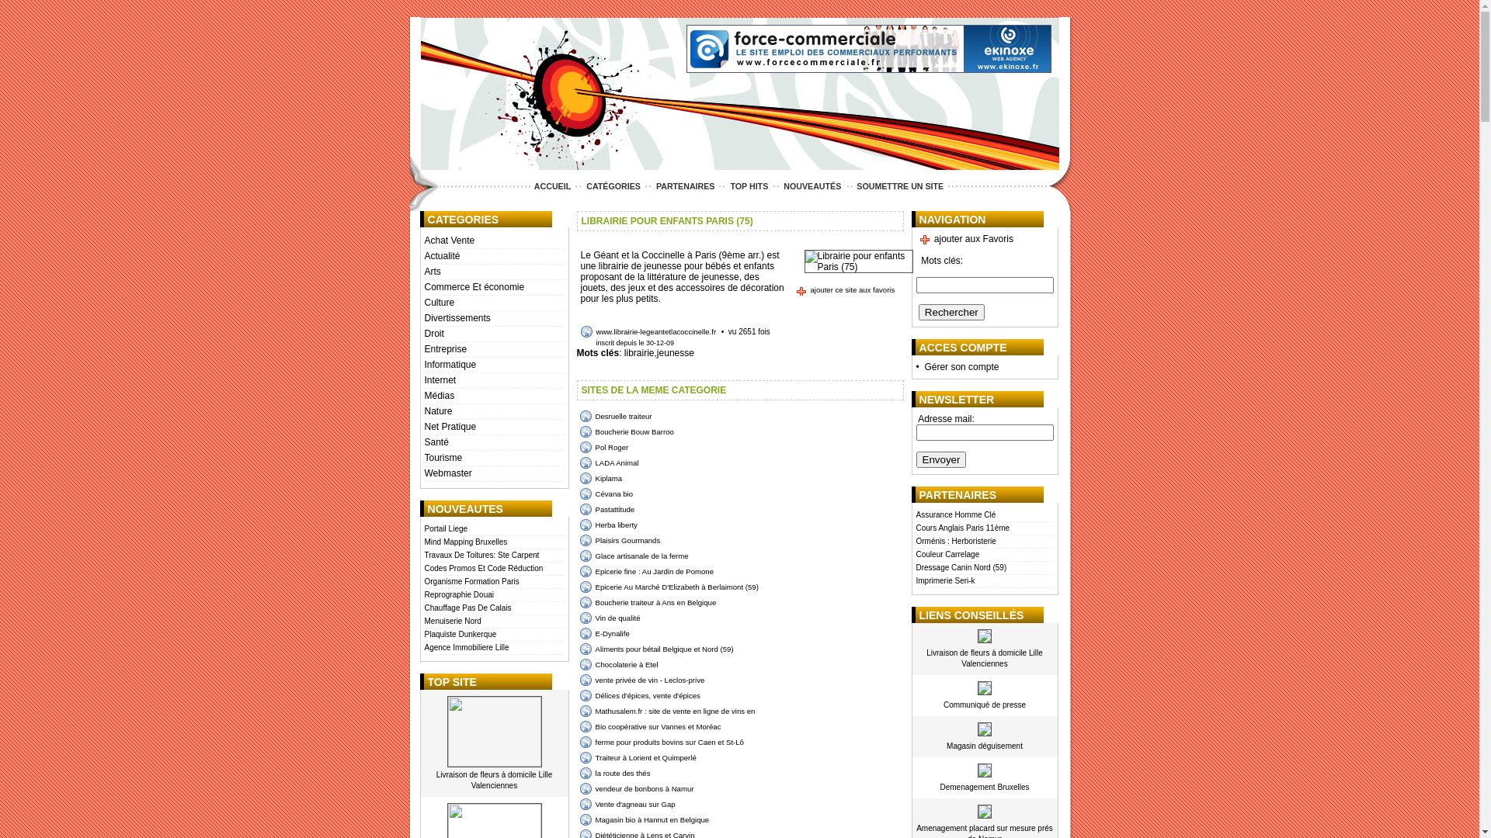 The width and height of the screenshot is (1491, 838). Describe the element at coordinates (492, 473) in the screenshot. I see `'Webmaster'` at that location.